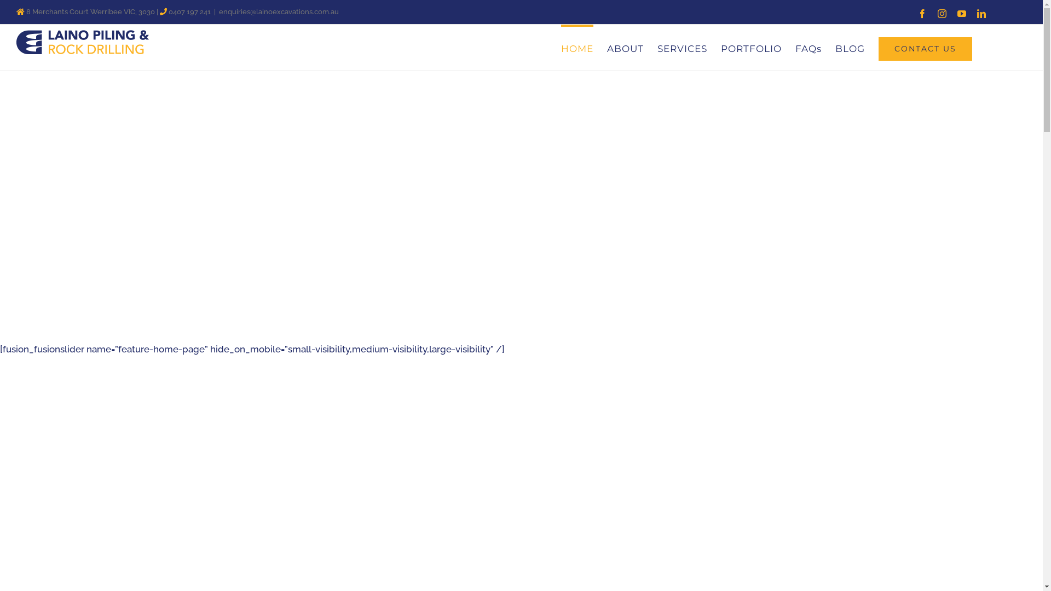  Describe the element at coordinates (576, 47) in the screenshot. I see `'HOME'` at that location.